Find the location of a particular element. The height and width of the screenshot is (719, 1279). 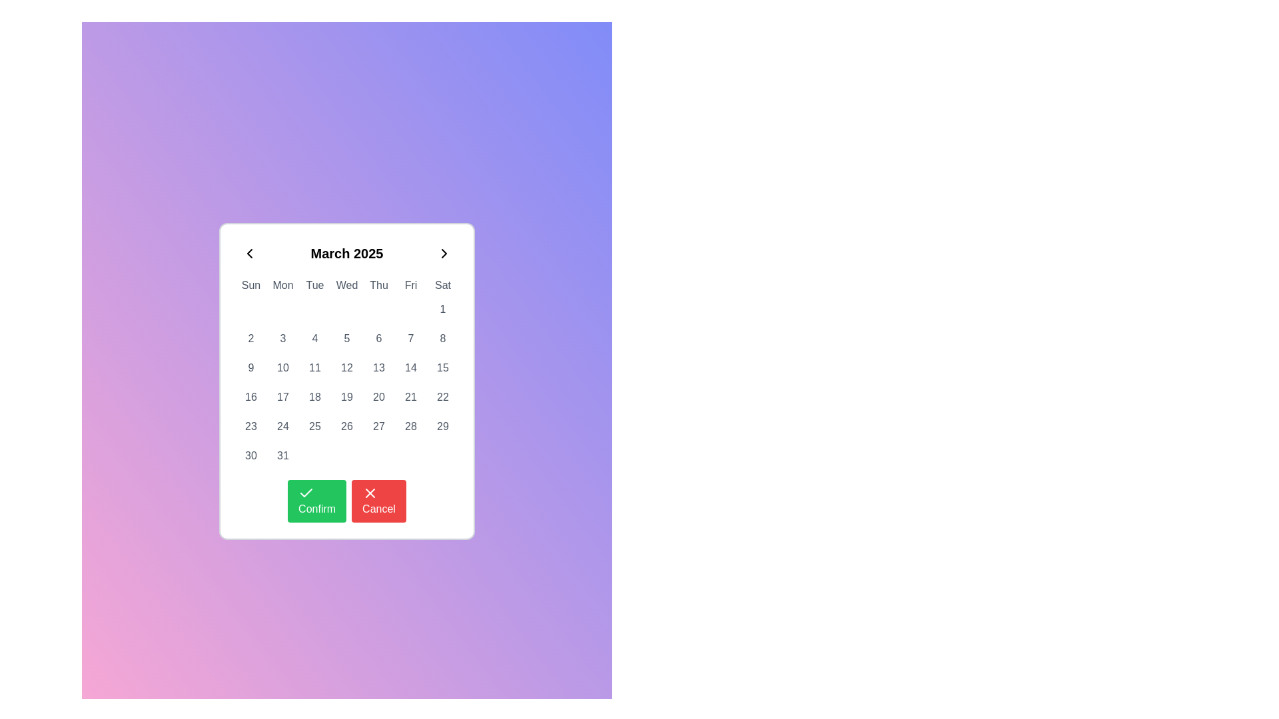

the calendar button for March 6, 2025, located under the 'Fri' column in the first row is located at coordinates (378, 338).